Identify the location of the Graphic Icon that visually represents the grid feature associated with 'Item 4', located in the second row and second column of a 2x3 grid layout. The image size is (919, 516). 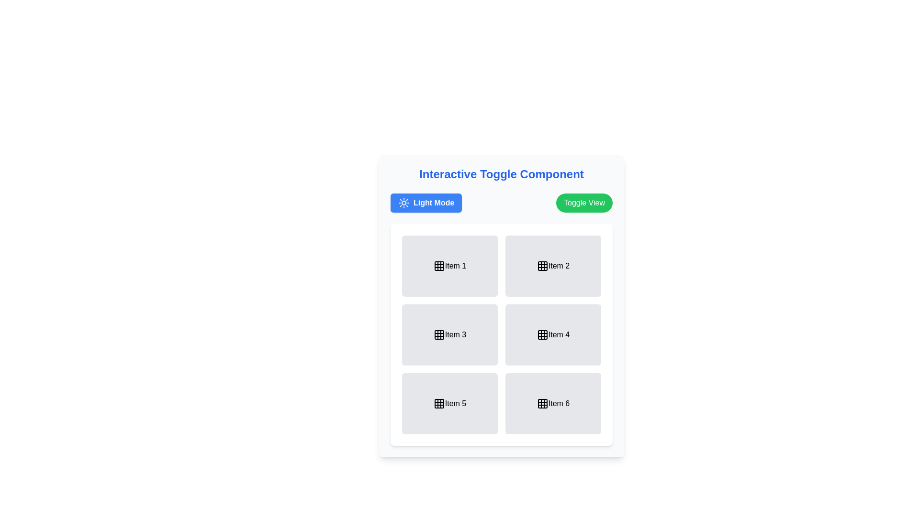
(542, 334).